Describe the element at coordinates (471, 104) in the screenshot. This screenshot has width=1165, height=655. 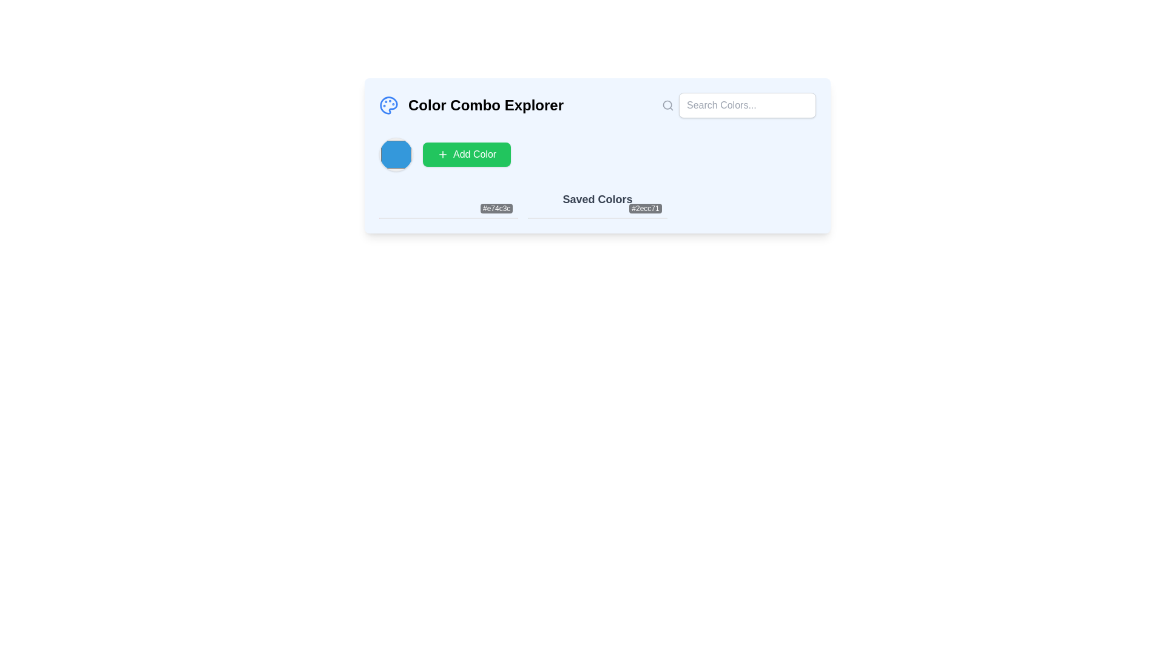
I see `the Header element which has an icon and text, located near the top-left corner of the interface, to use the adjacent elements such as the search bar and buttons` at that location.